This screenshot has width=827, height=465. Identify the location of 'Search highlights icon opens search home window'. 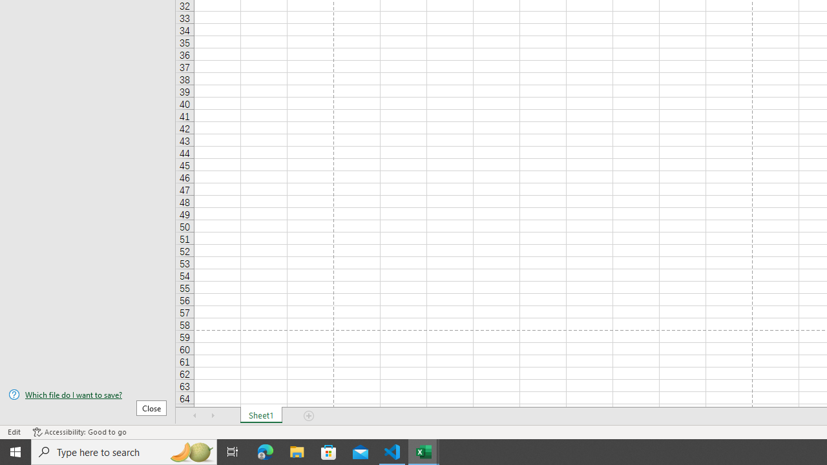
(190, 451).